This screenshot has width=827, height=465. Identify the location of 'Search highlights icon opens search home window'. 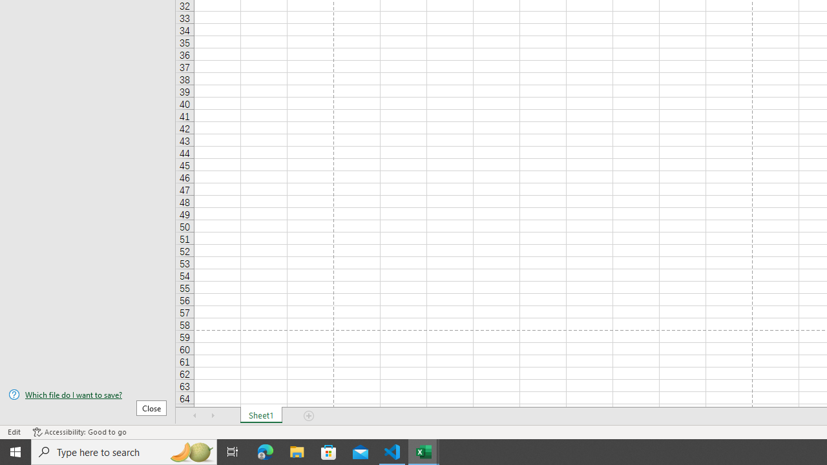
(190, 451).